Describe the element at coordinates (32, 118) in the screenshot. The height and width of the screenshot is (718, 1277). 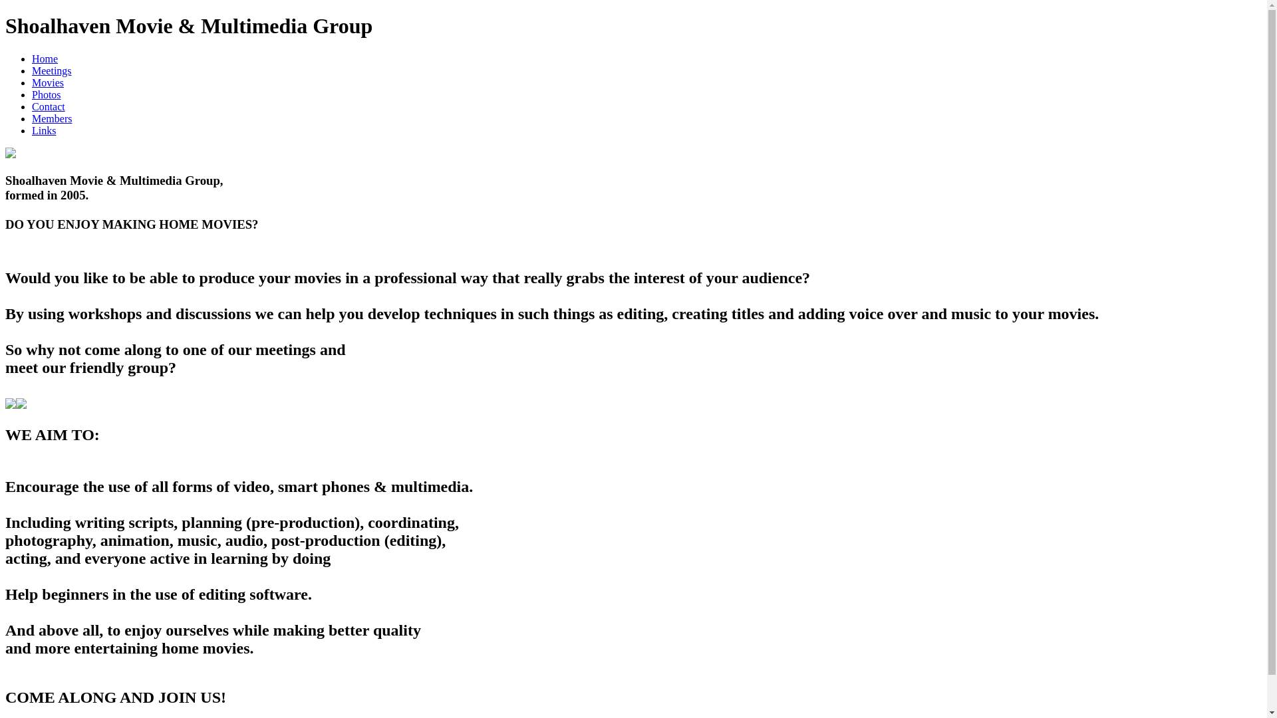
I see `'Members'` at that location.